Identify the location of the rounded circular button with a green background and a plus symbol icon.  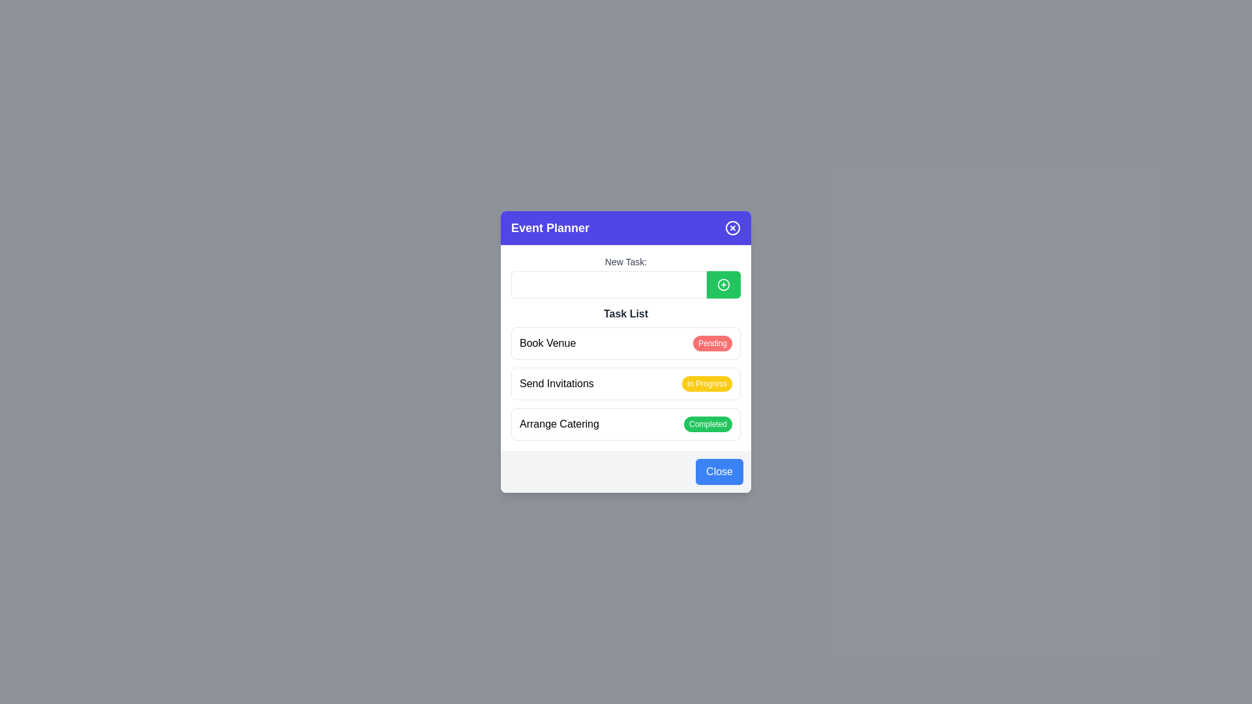
(723, 284).